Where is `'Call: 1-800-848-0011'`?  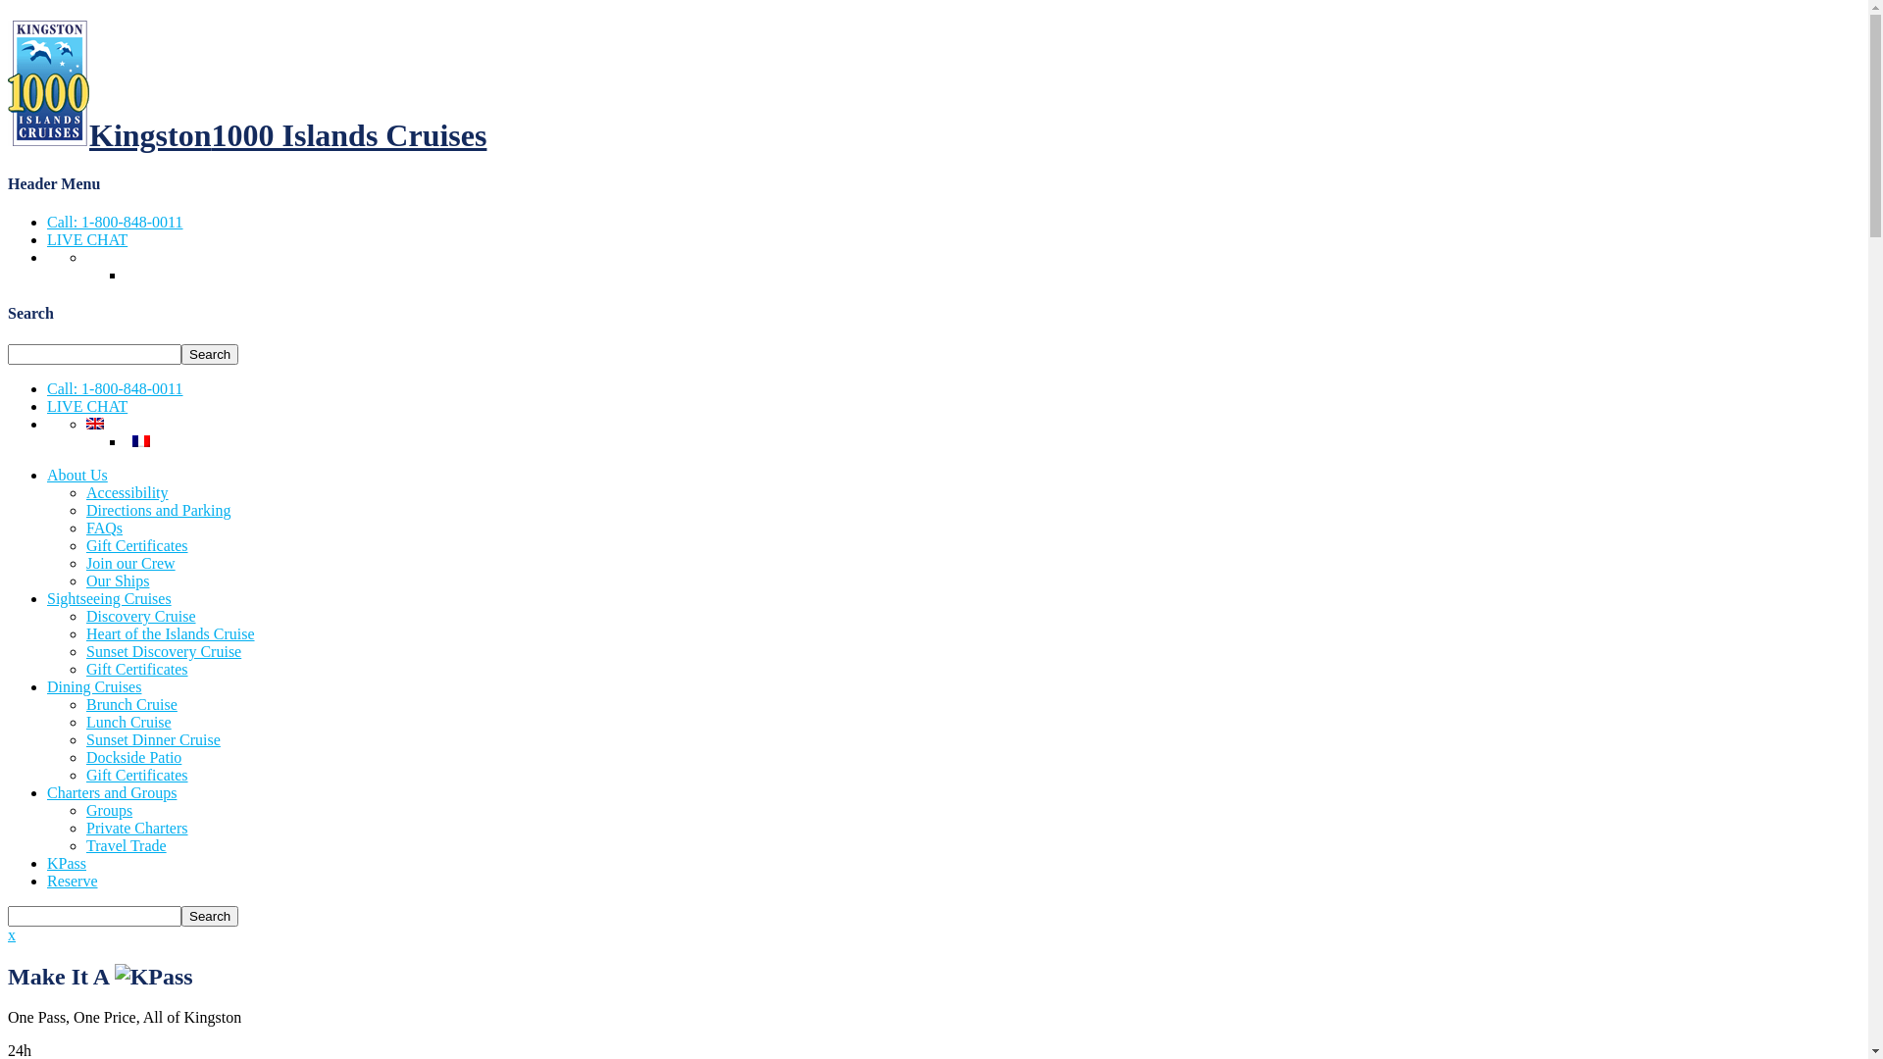
'Call: 1-800-848-0011' is located at coordinates (114, 388).